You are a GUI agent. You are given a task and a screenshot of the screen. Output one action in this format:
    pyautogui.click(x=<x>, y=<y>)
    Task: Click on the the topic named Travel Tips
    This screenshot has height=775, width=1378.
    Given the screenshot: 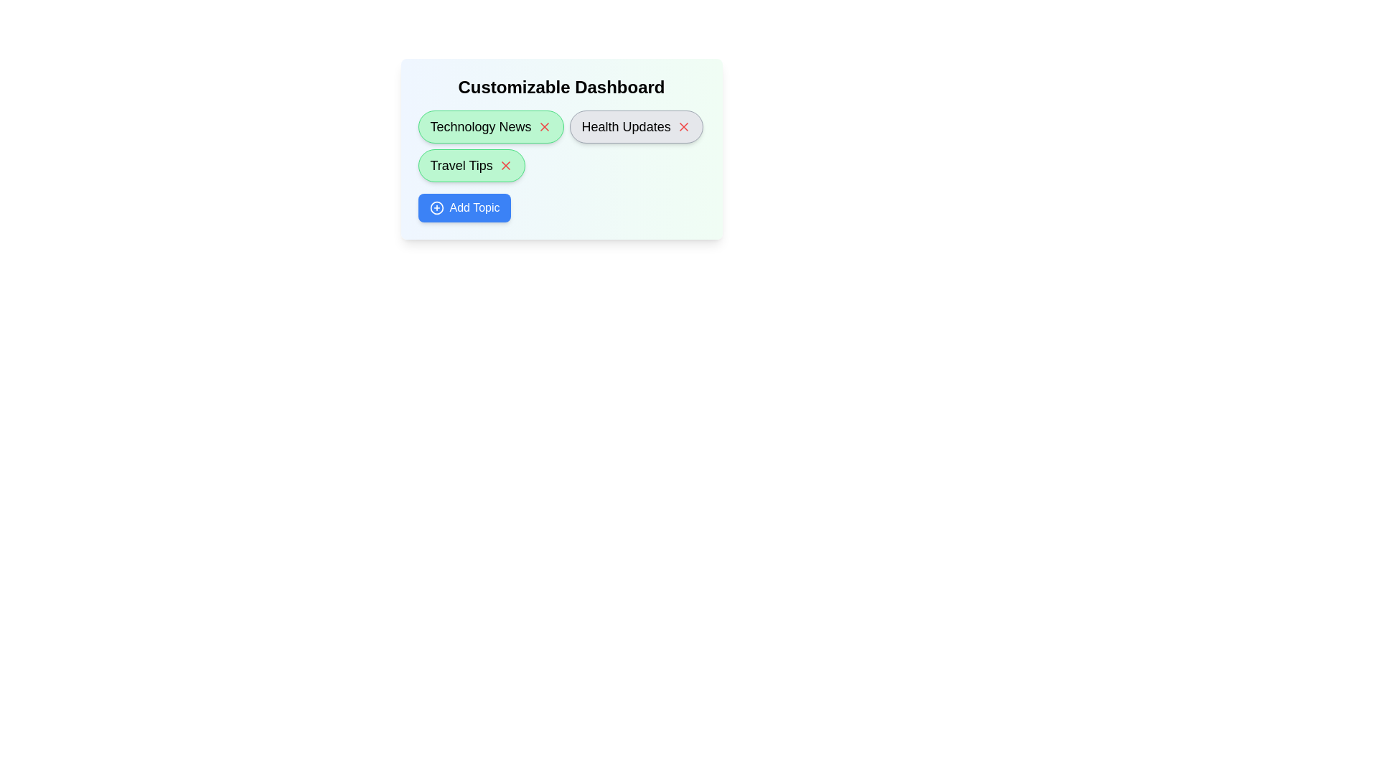 What is the action you would take?
    pyautogui.click(x=472, y=165)
    